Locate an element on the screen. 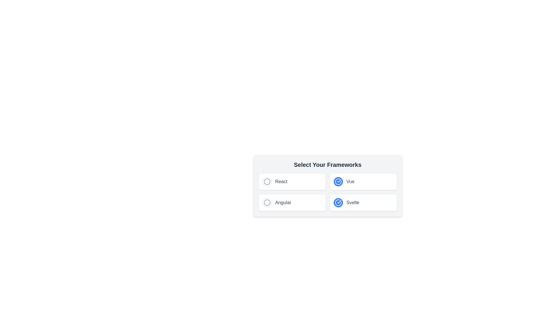  the text label 'Angular' that displays the name of the Angular framework, located in the bottom-left quadrant of a four-option grid beneath the 'React' label is located at coordinates (283, 202).